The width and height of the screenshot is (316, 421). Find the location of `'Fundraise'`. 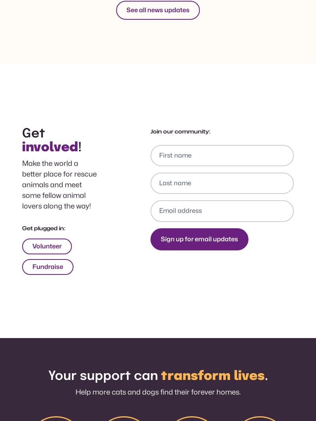

'Fundraise' is located at coordinates (47, 266).